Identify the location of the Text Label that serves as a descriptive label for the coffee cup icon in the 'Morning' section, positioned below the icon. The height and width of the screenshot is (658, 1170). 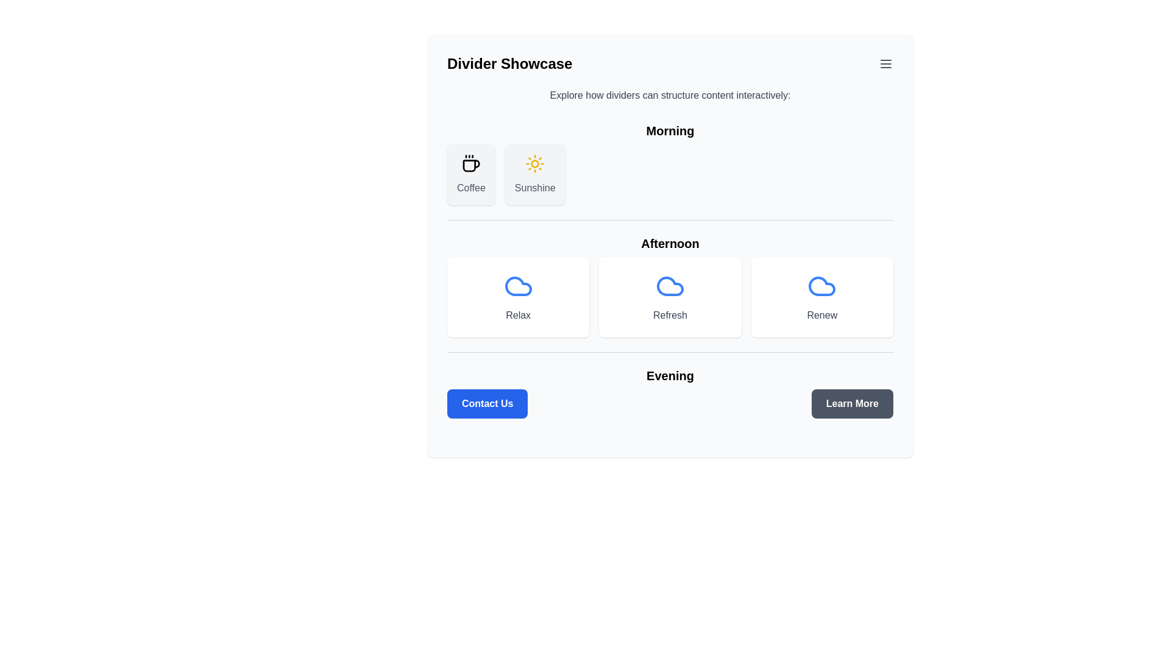
(470, 188).